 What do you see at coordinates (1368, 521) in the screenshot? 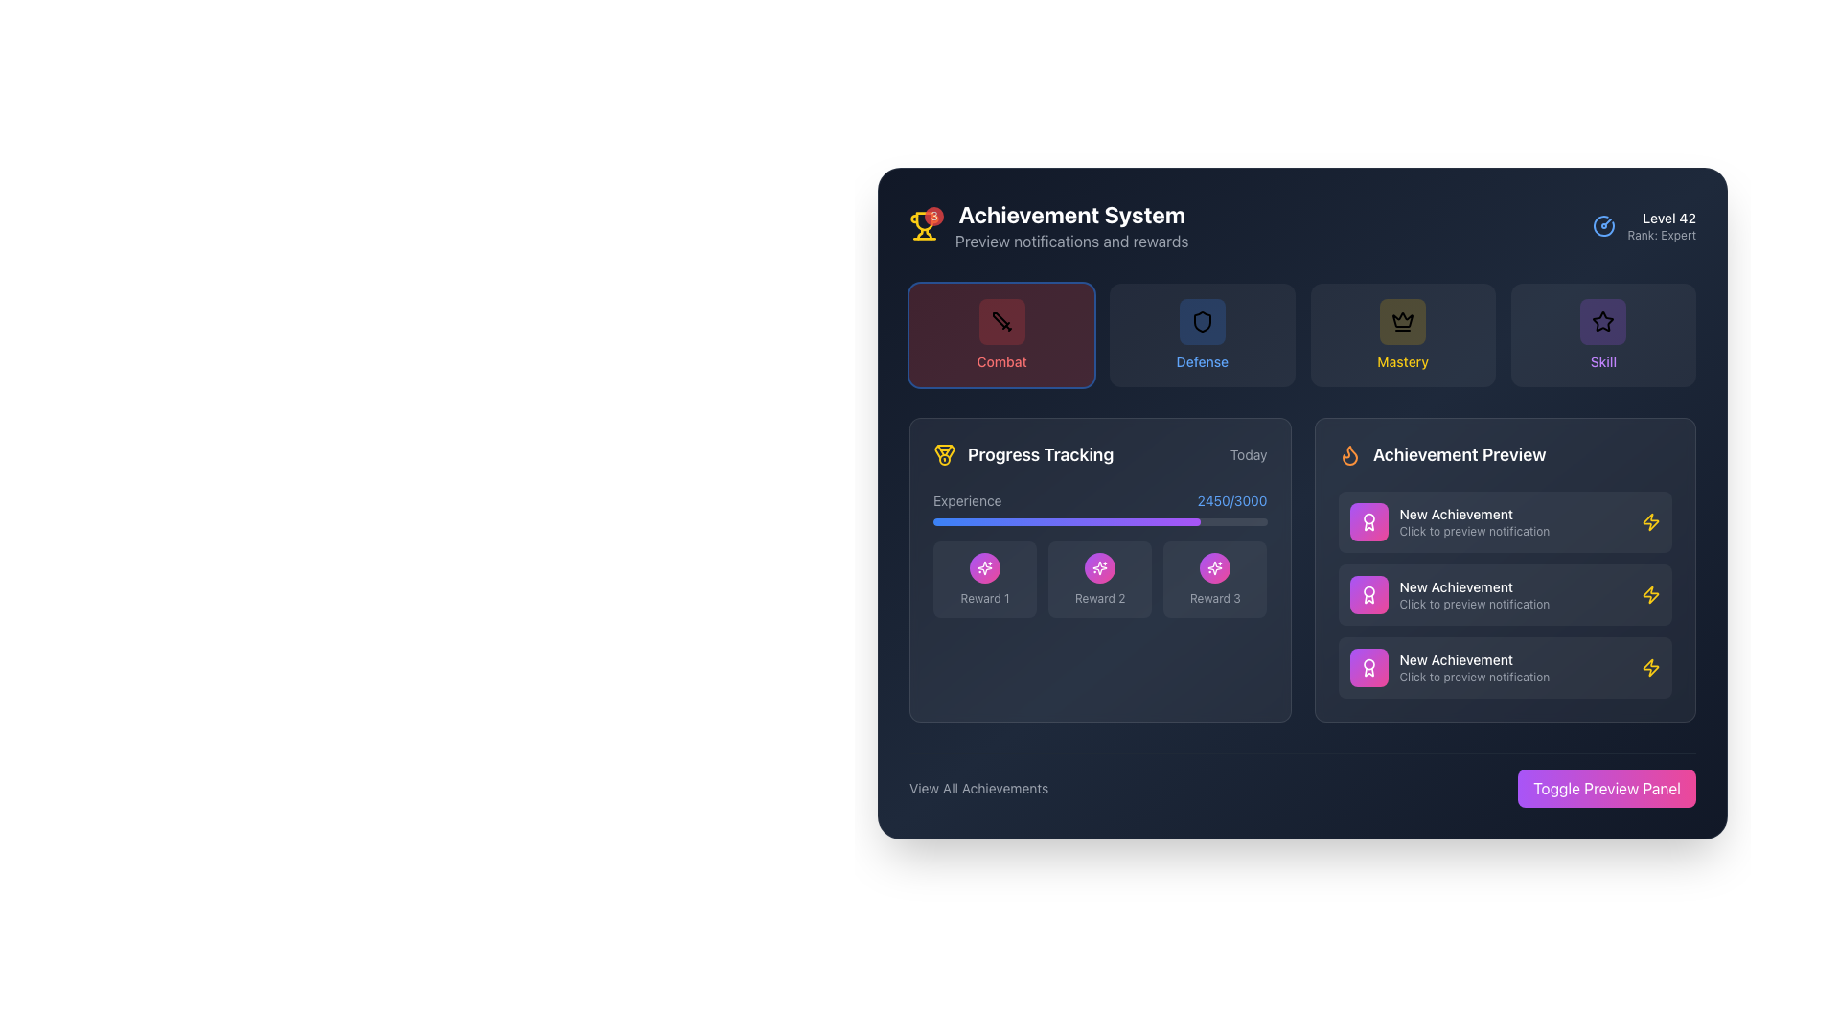
I see `the circular badge icon with a decorative ribbon-like design, located in the top-left corner of the interface, near categories like 'Combat' and 'Defense'` at bounding box center [1368, 521].